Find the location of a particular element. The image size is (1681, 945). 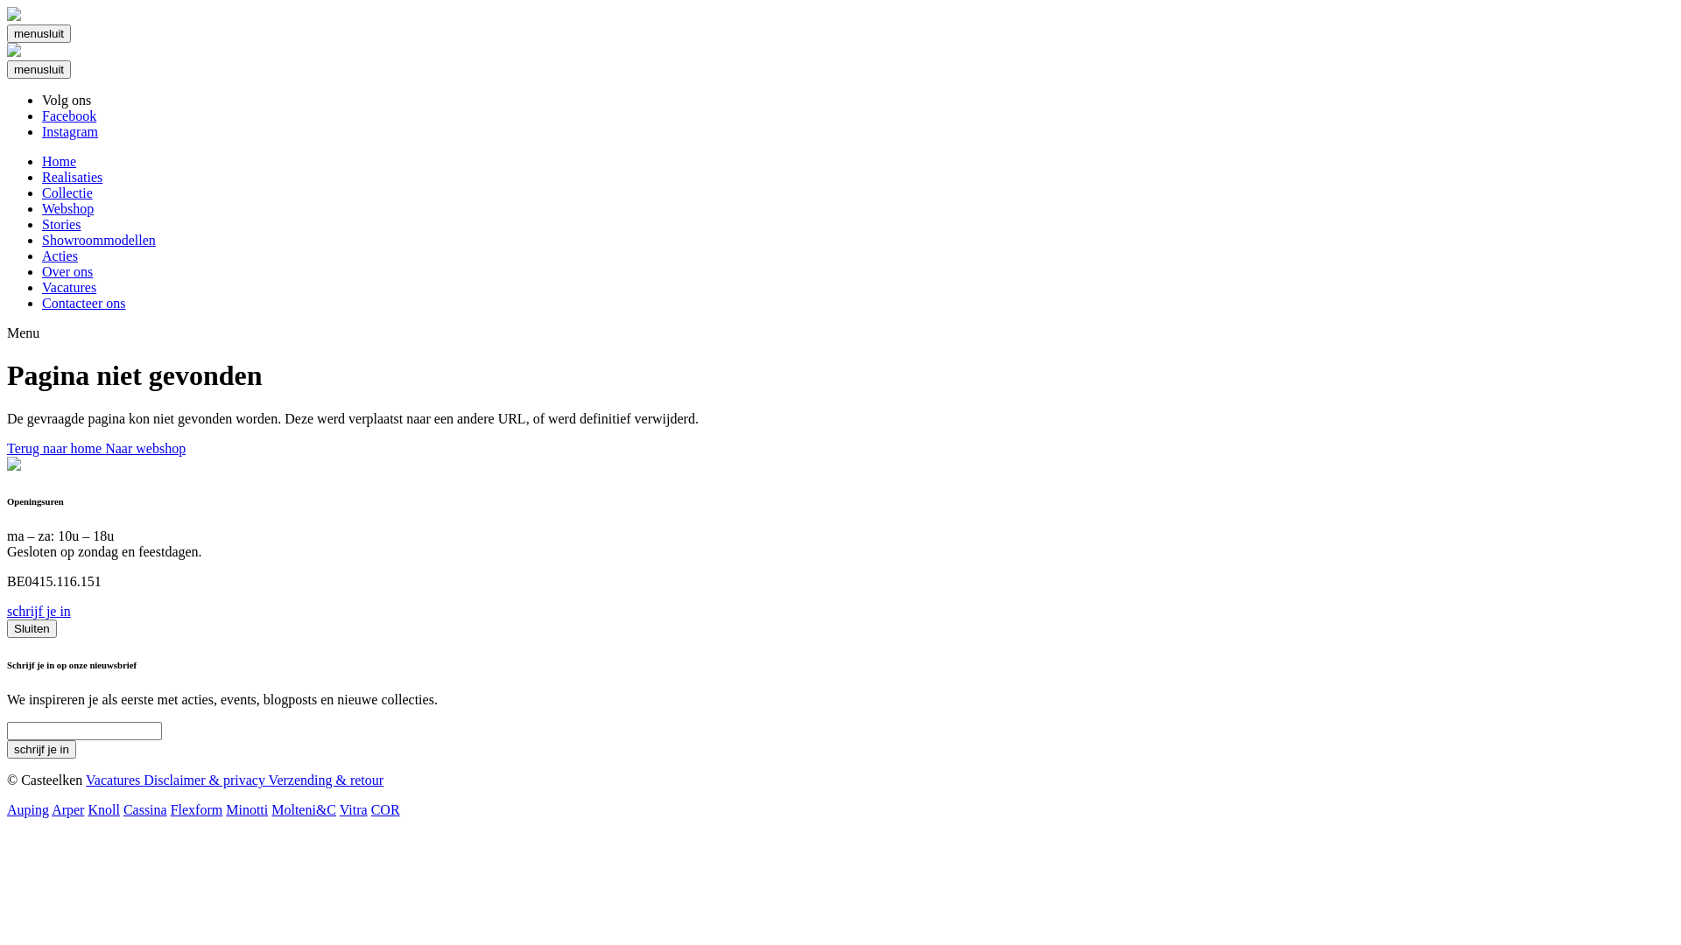

'Facebook' is located at coordinates (68, 115).